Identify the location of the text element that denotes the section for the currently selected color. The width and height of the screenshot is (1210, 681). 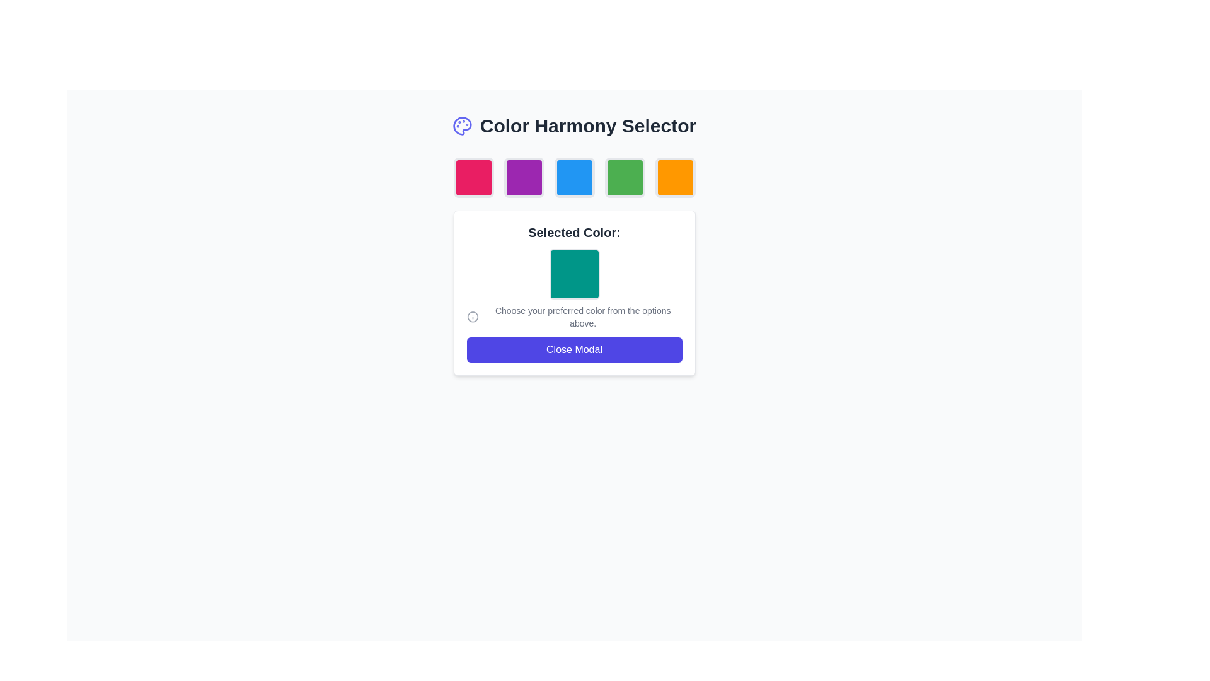
(573, 233).